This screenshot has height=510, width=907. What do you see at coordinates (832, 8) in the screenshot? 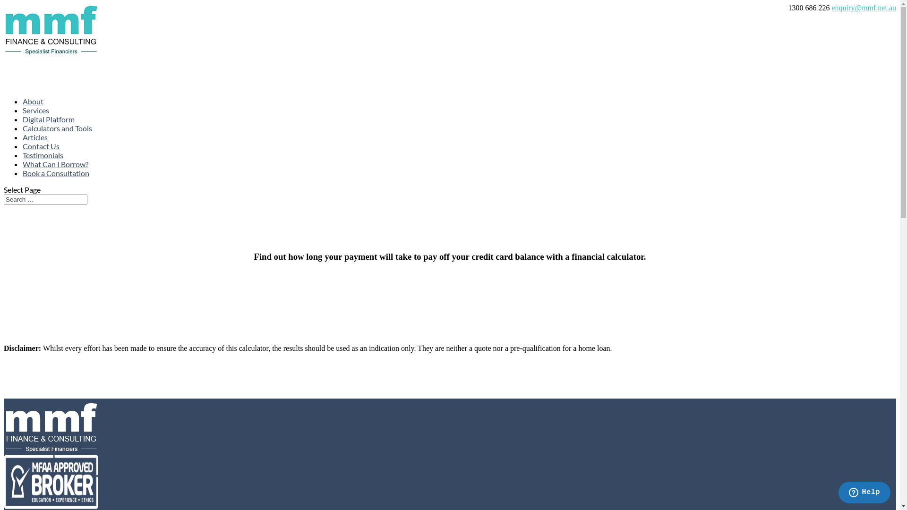
I see `'enquiry@mmf.net.au'` at bounding box center [832, 8].